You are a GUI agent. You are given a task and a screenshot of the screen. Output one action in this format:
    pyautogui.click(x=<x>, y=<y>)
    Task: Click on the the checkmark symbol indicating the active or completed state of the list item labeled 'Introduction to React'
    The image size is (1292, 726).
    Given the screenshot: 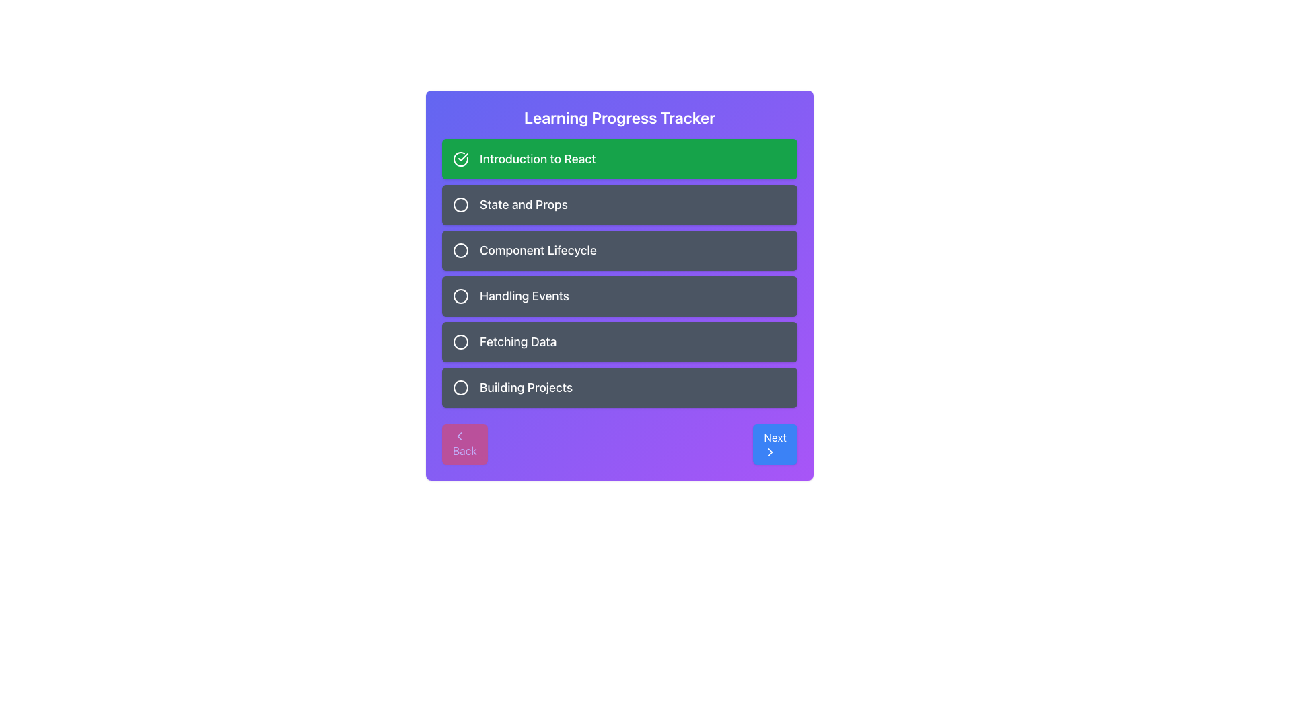 What is the action you would take?
    pyautogui.click(x=463, y=157)
    